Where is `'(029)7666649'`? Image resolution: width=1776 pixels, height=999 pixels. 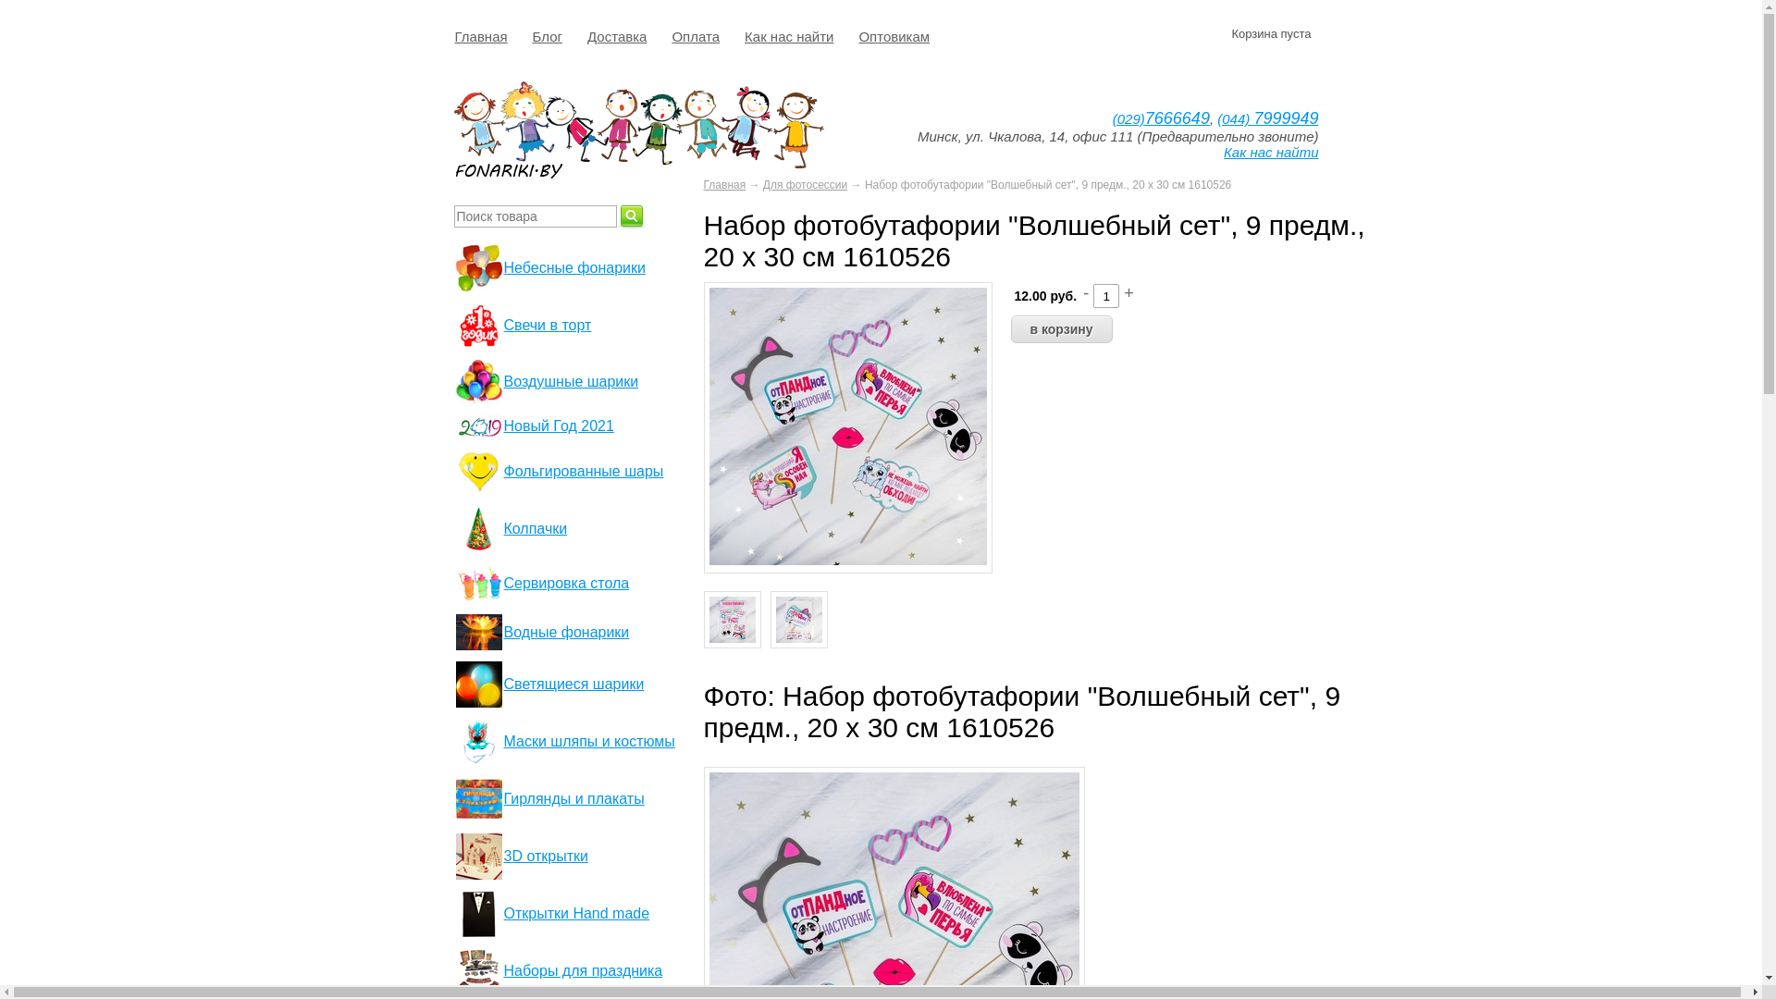
'(029)7666649' is located at coordinates (1160, 118).